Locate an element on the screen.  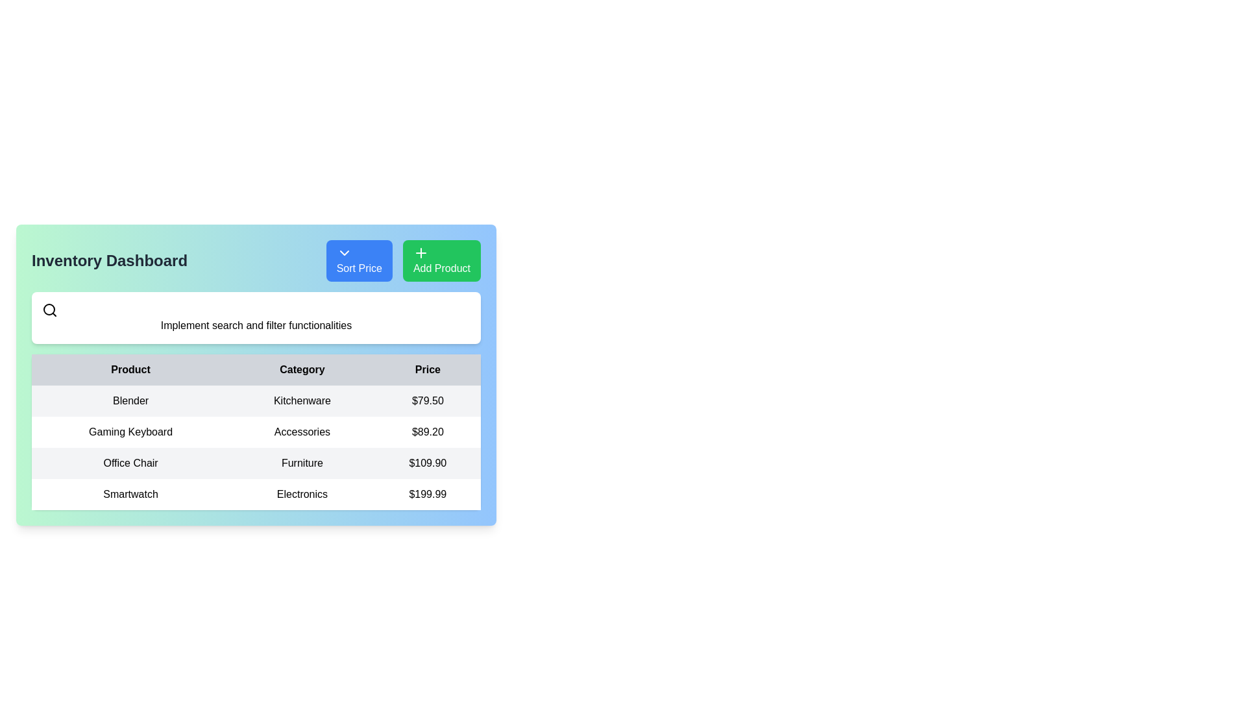
the chevron icon inside the 'Sort Price' button is located at coordinates (344, 252).